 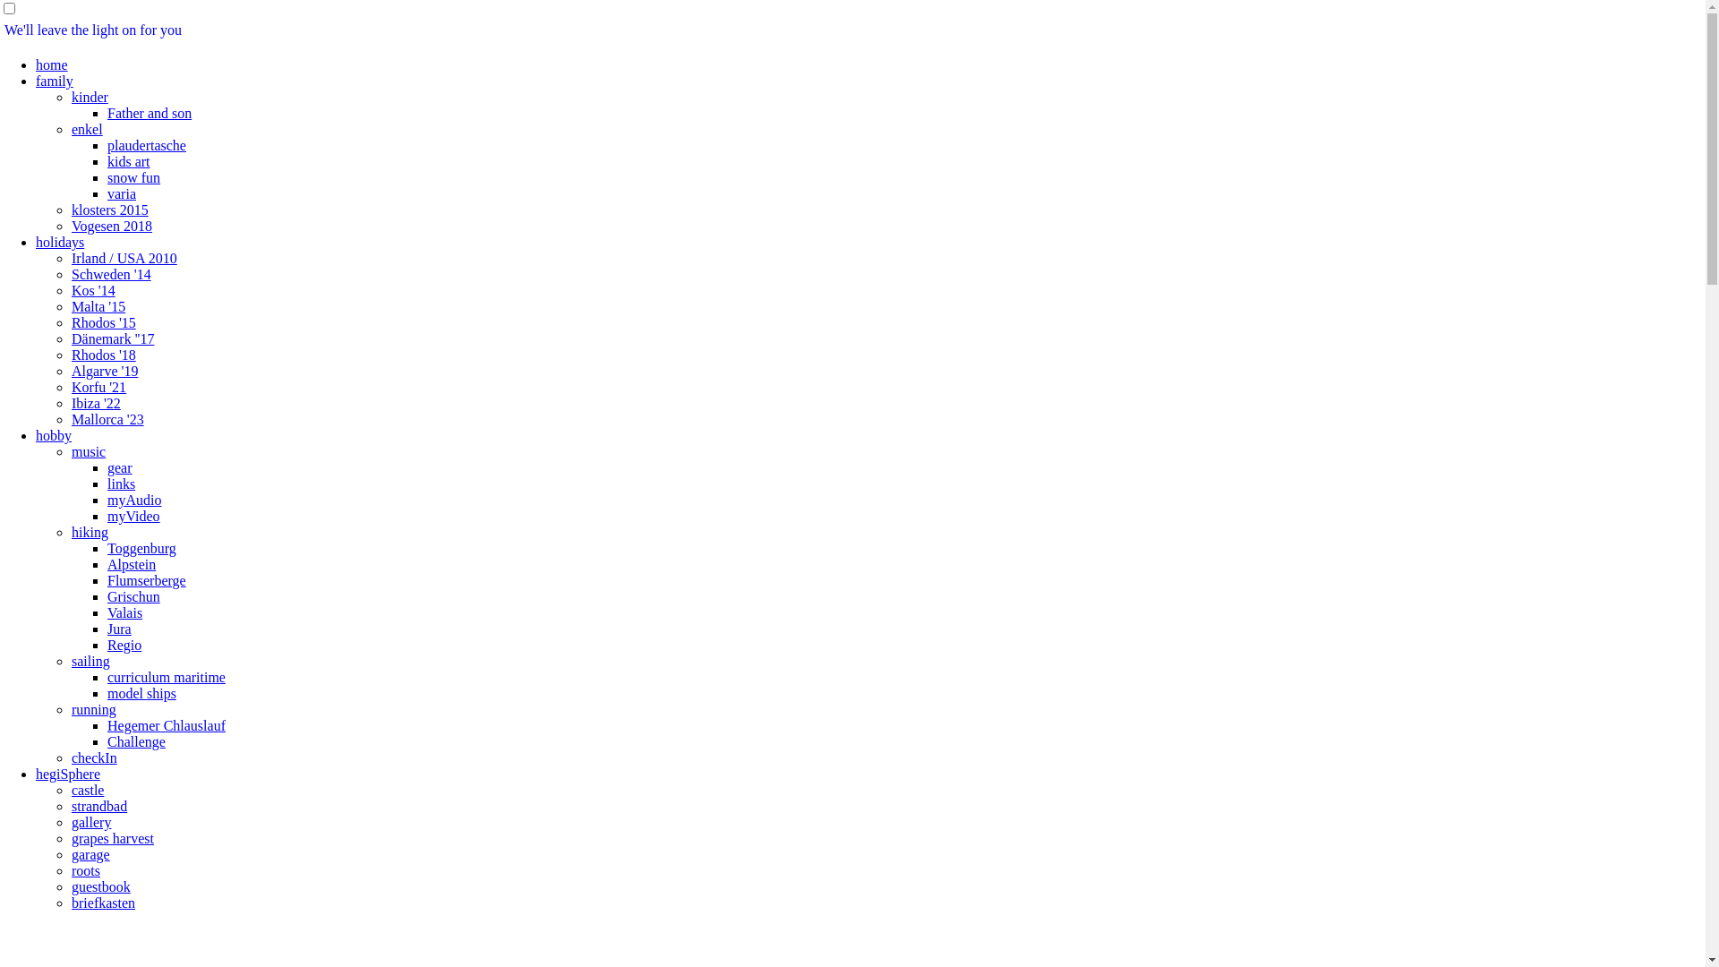 What do you see at coordinates (92, 30) in the screenshot?
I see `'We'll leave the light on for you'` at bounding box center [92, 30].